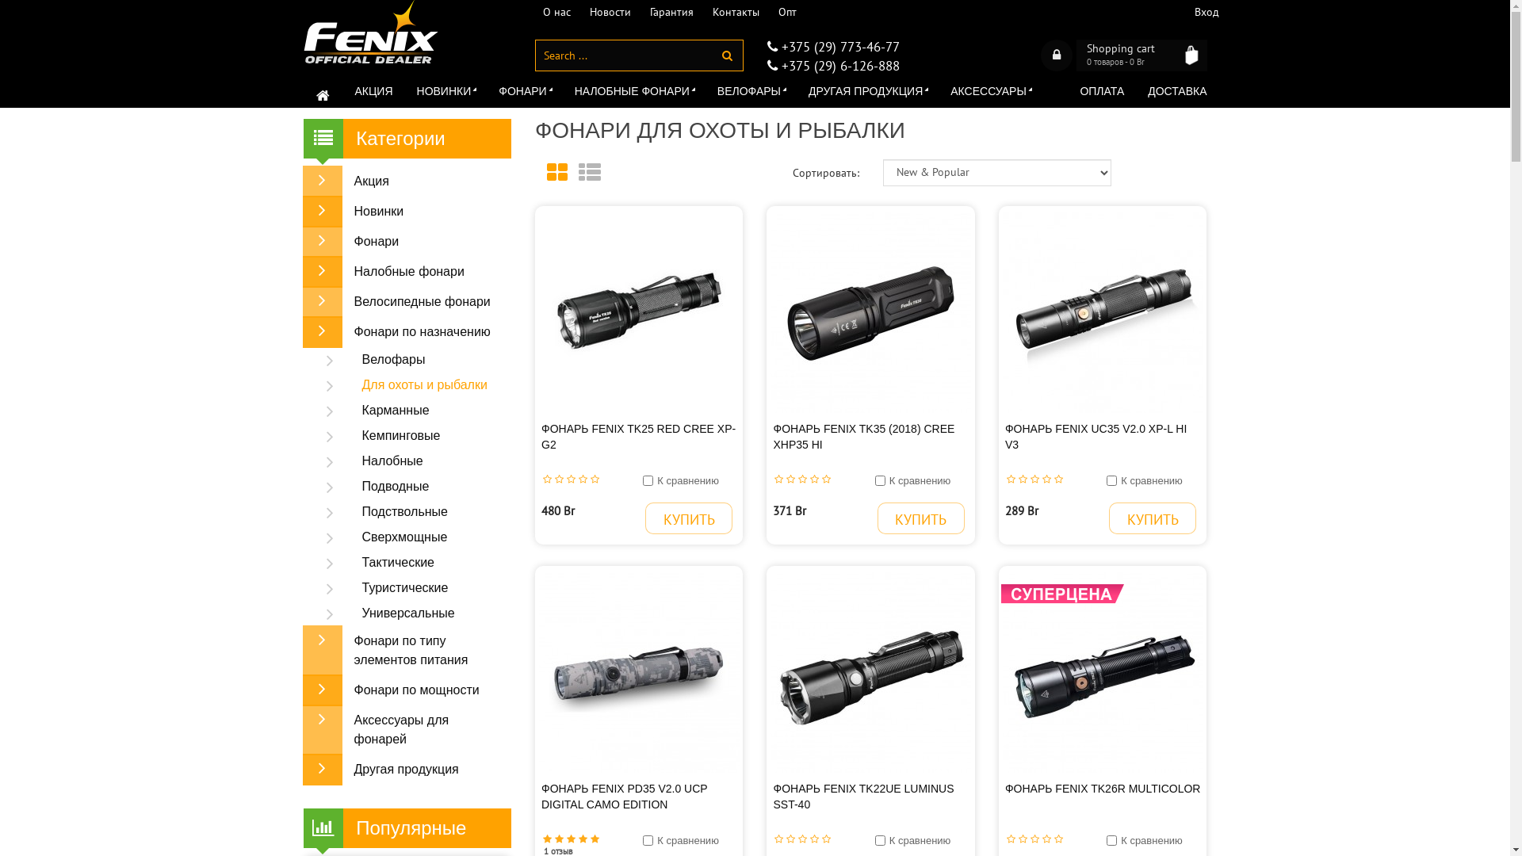 This screenshot has height=856, width=1522. Describe the element at coordinates (836, 65) in the screenshot. I see `'+375 (29) 6-126-888'` at that location.